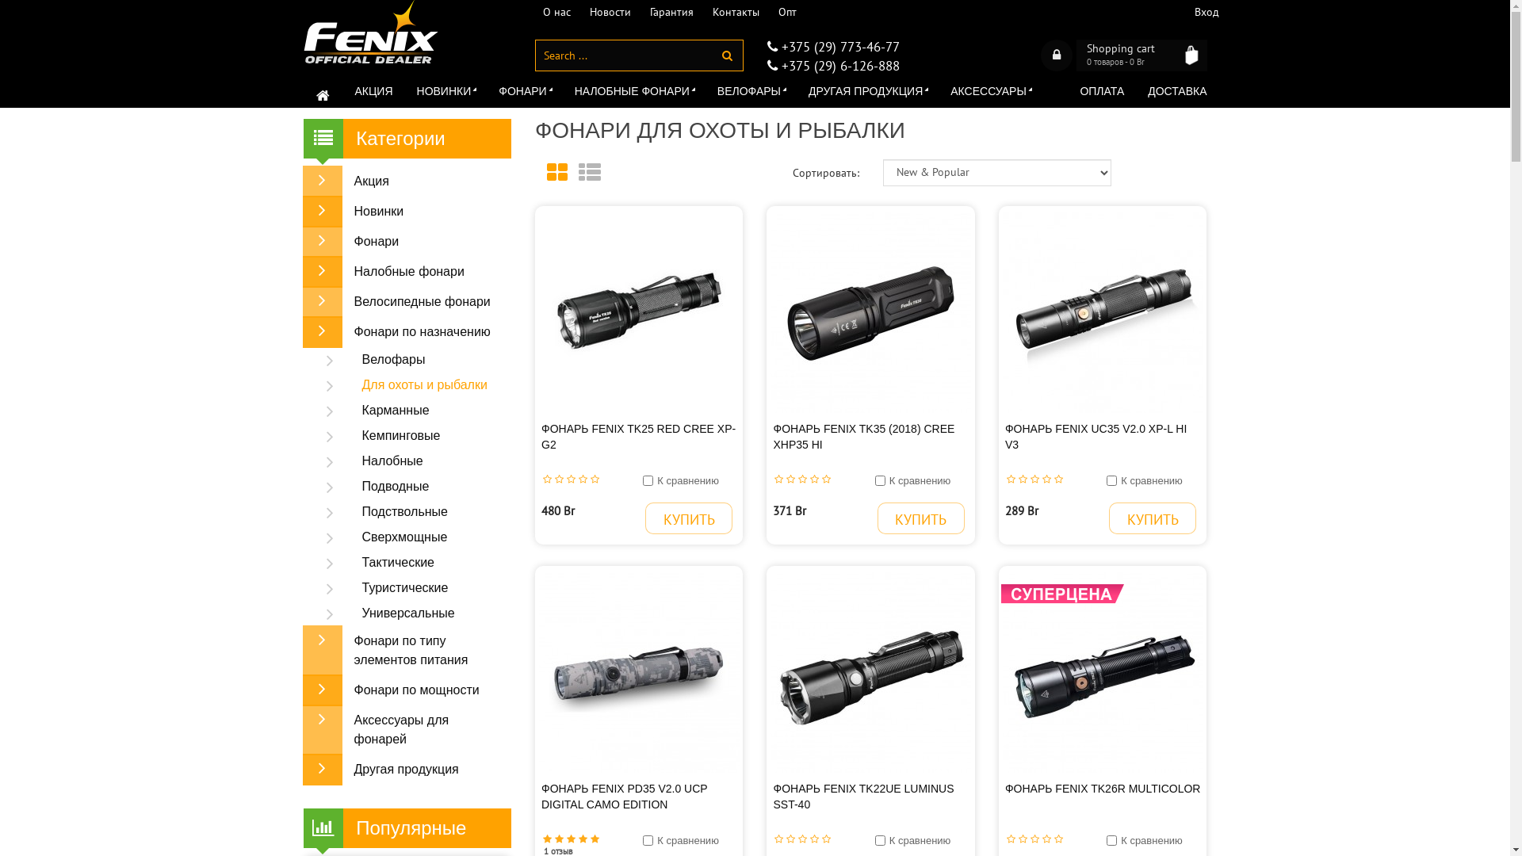 This screenshot has height=856, width=1522. Describe the element at coordinates (836, 65) in the screenshot. I see `'+375 (29) 6-126-888'` at that location.